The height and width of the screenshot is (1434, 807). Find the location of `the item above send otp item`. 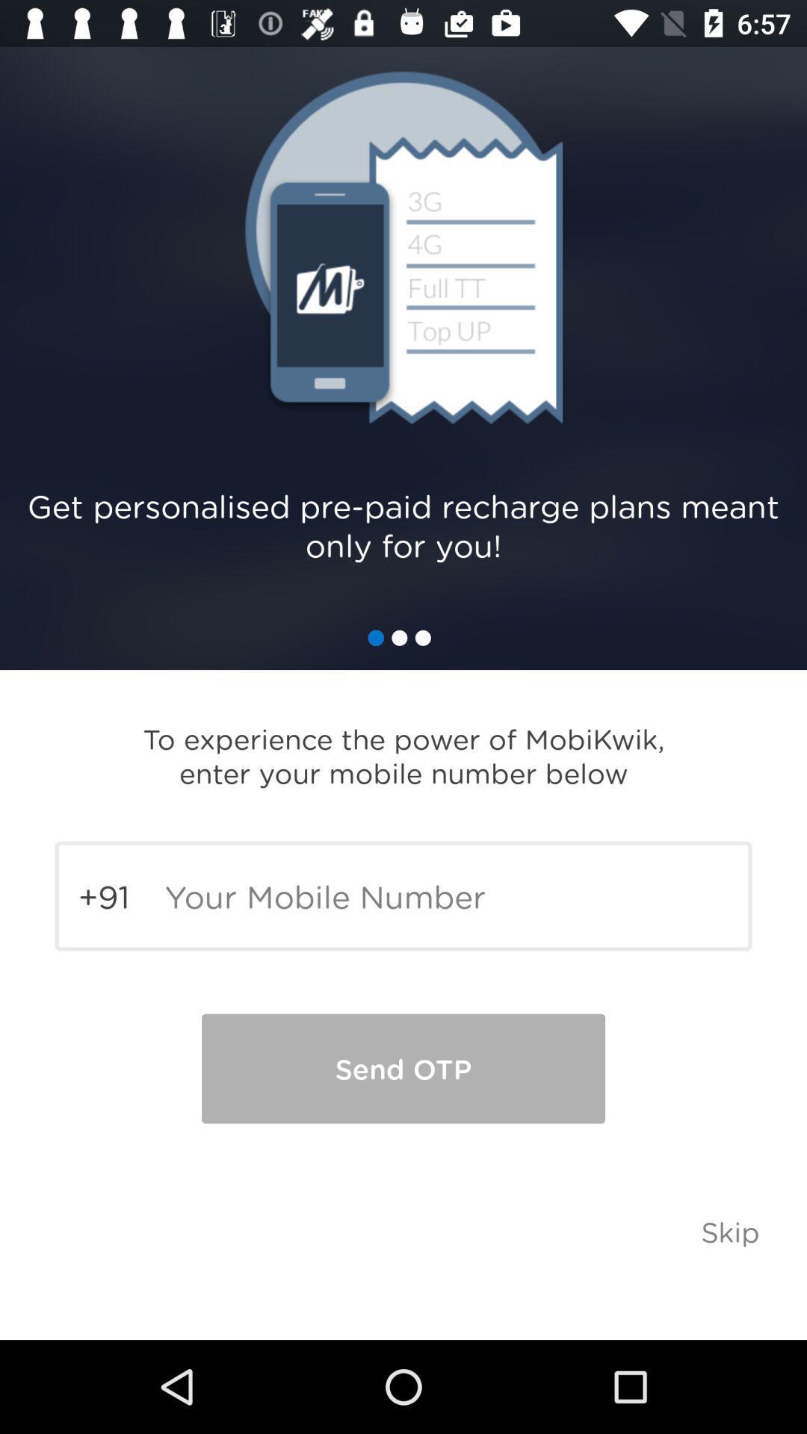

the item above send otp item is located at coordinates (403, 896).